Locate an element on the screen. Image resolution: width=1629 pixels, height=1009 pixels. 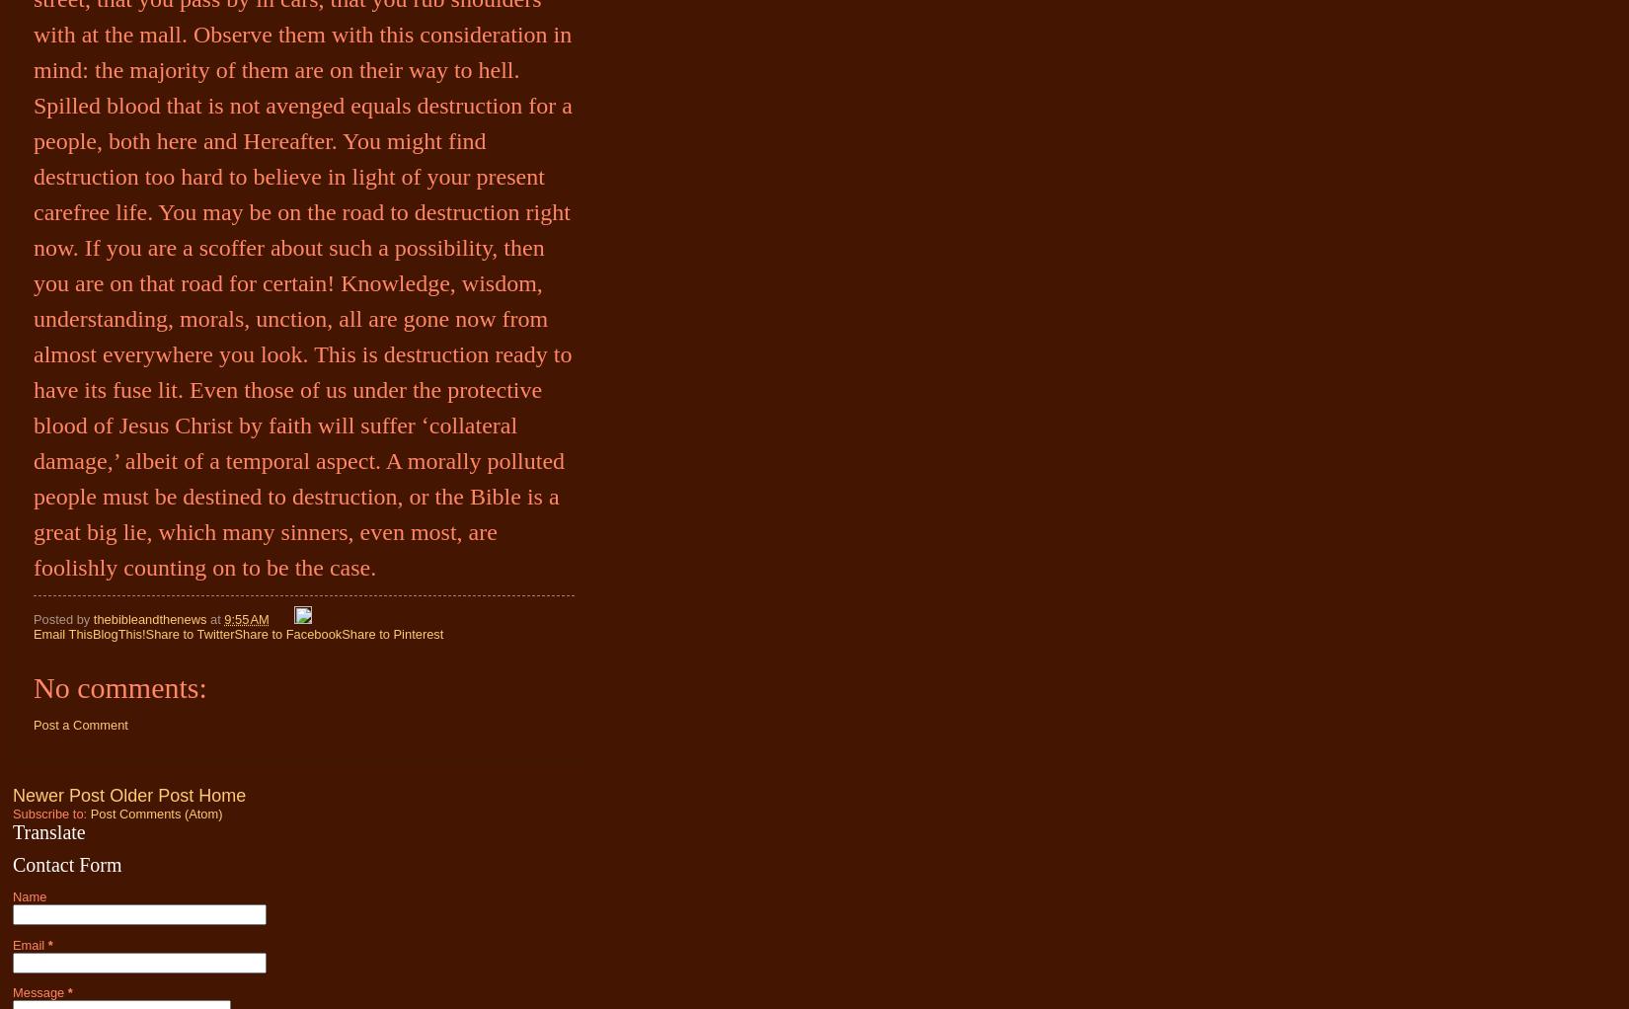
'at' is located at coordinates (216, 619).